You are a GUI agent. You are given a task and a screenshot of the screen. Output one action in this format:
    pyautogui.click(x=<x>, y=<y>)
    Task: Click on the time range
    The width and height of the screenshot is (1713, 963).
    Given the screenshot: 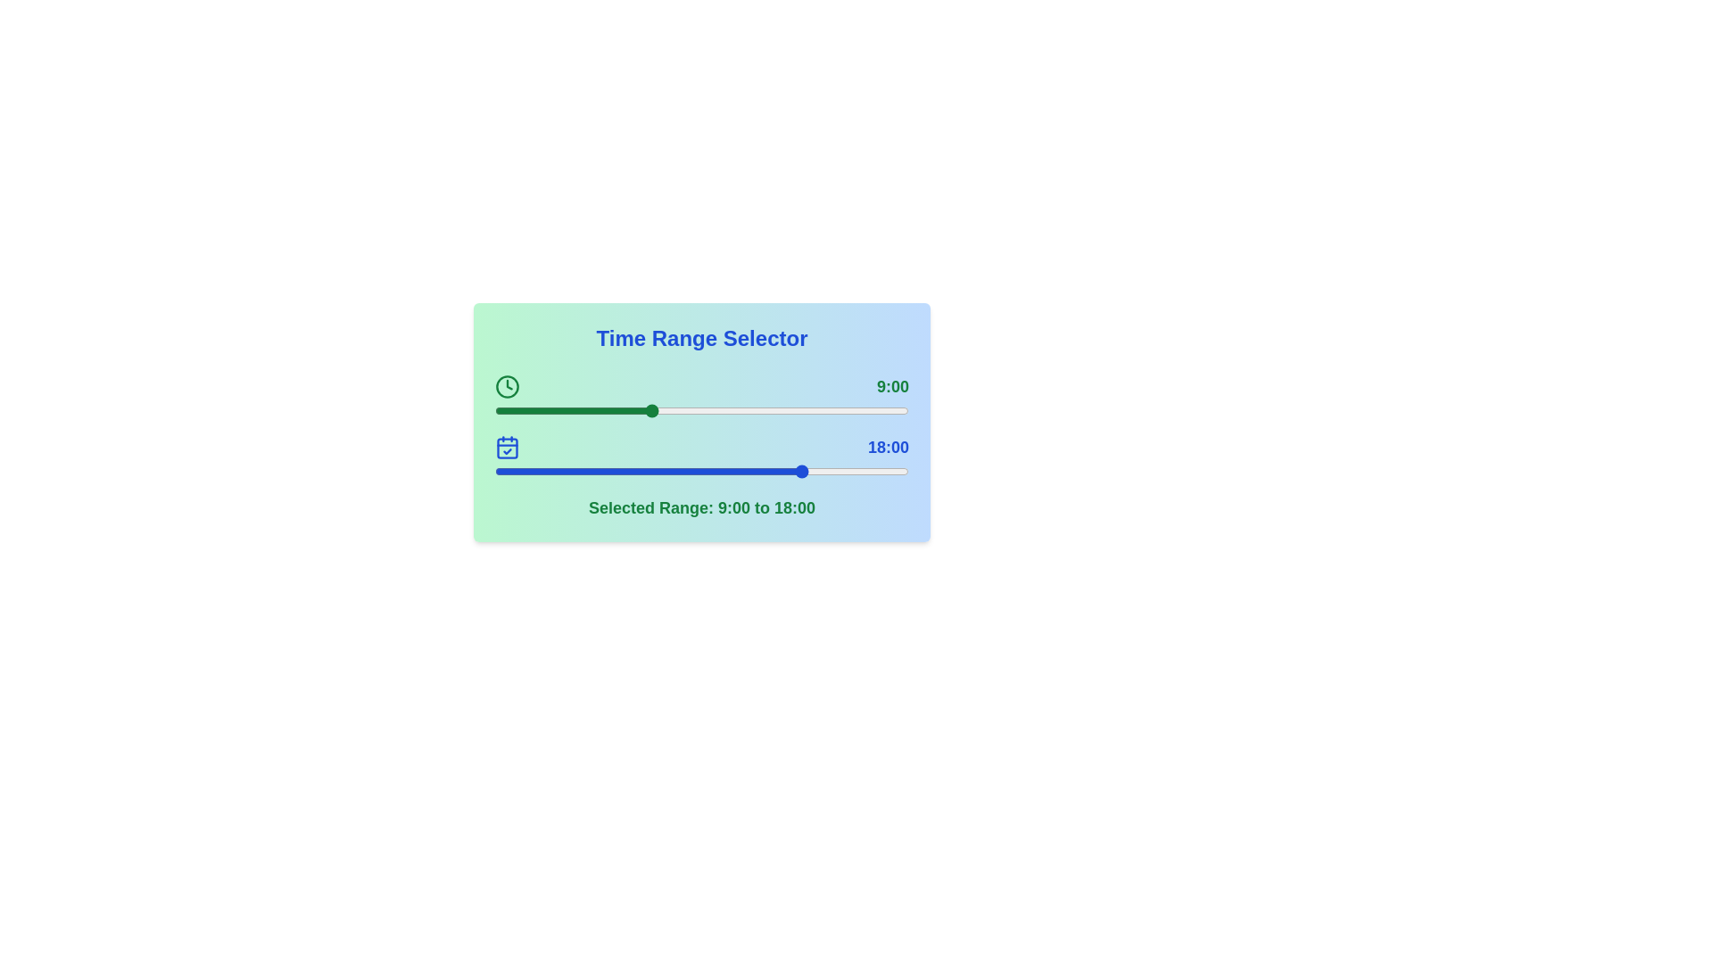 What is the action you would take?
    pyautogui.click(x=771, y=470)
    